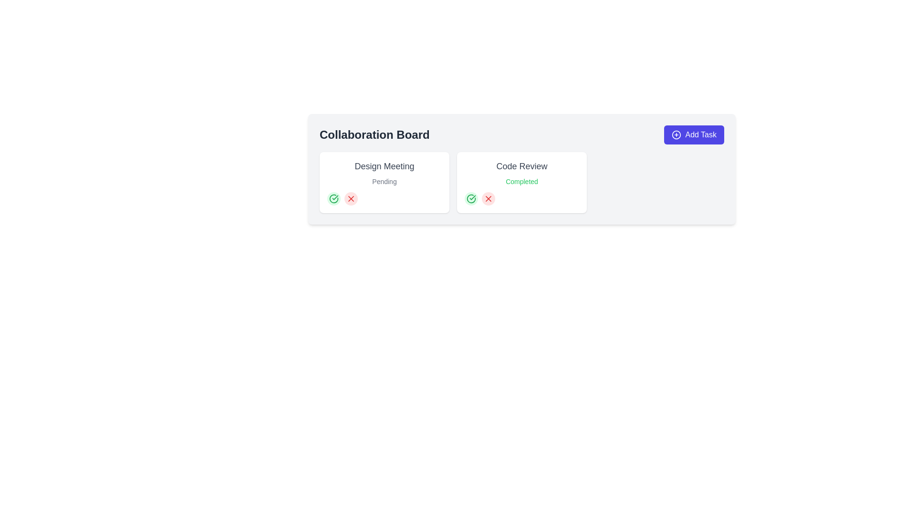  Describe the element at coordinates (521, 182) in the screenshot. I see `the 'Code Review' task card which has a white background and contains the text 'Code Review' in gray bold font and 'Completed' in smaller green text` at that location.